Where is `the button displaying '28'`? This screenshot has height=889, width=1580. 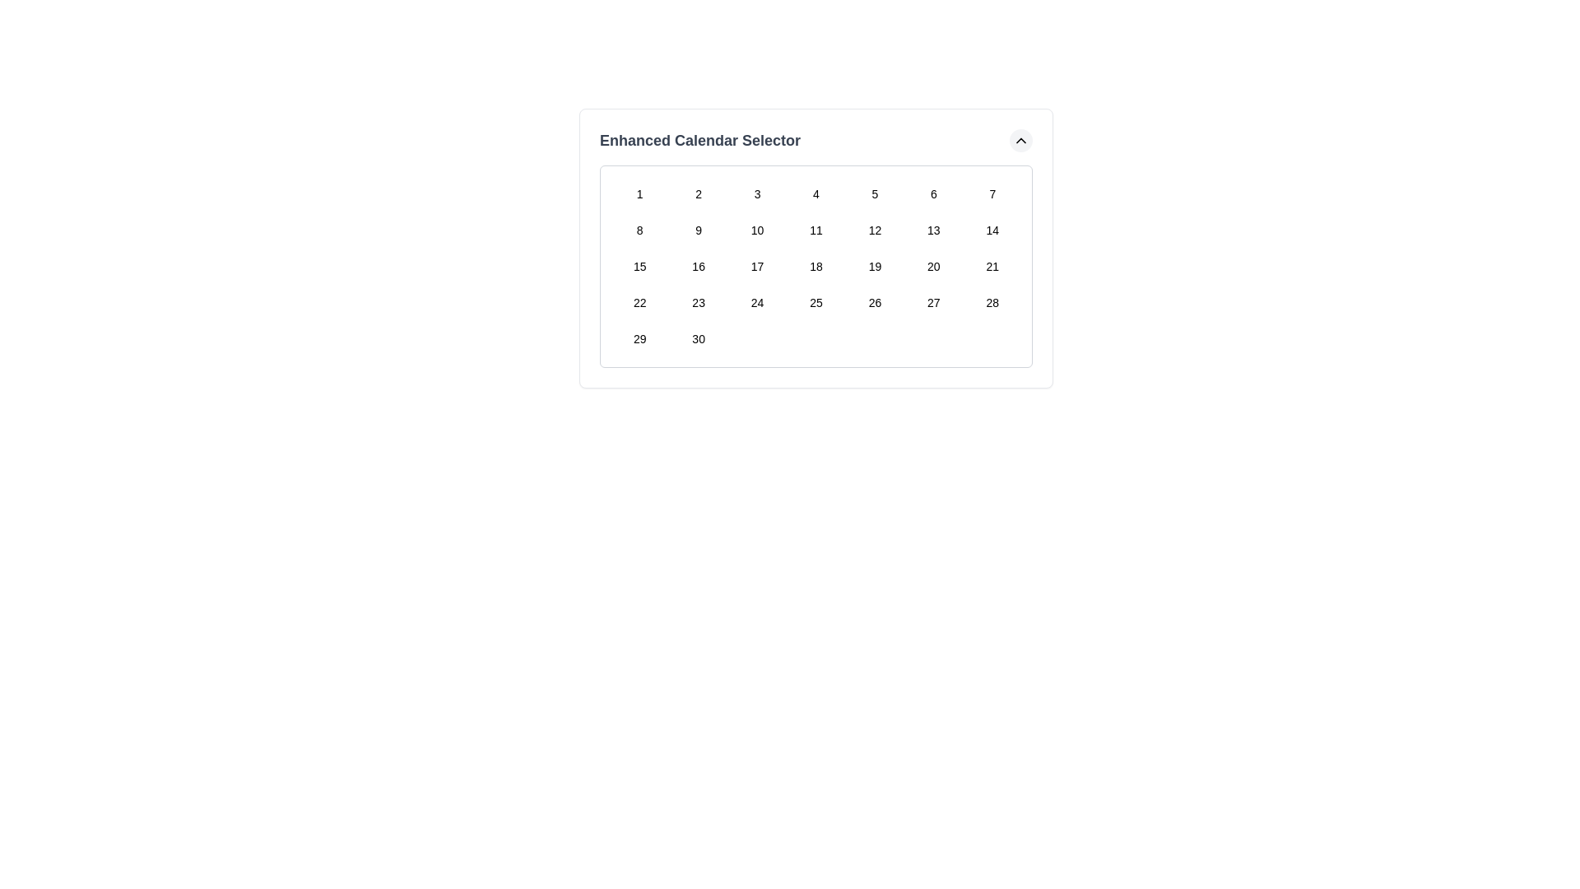 the button displaying '28' is located at coordinates (992, 302).